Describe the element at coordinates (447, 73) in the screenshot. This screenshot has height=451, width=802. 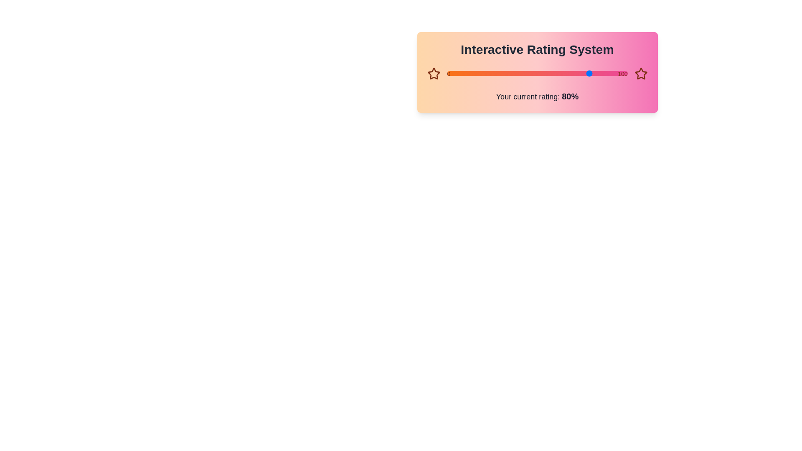
I see `the slider to set the rating to 28%` at that location.